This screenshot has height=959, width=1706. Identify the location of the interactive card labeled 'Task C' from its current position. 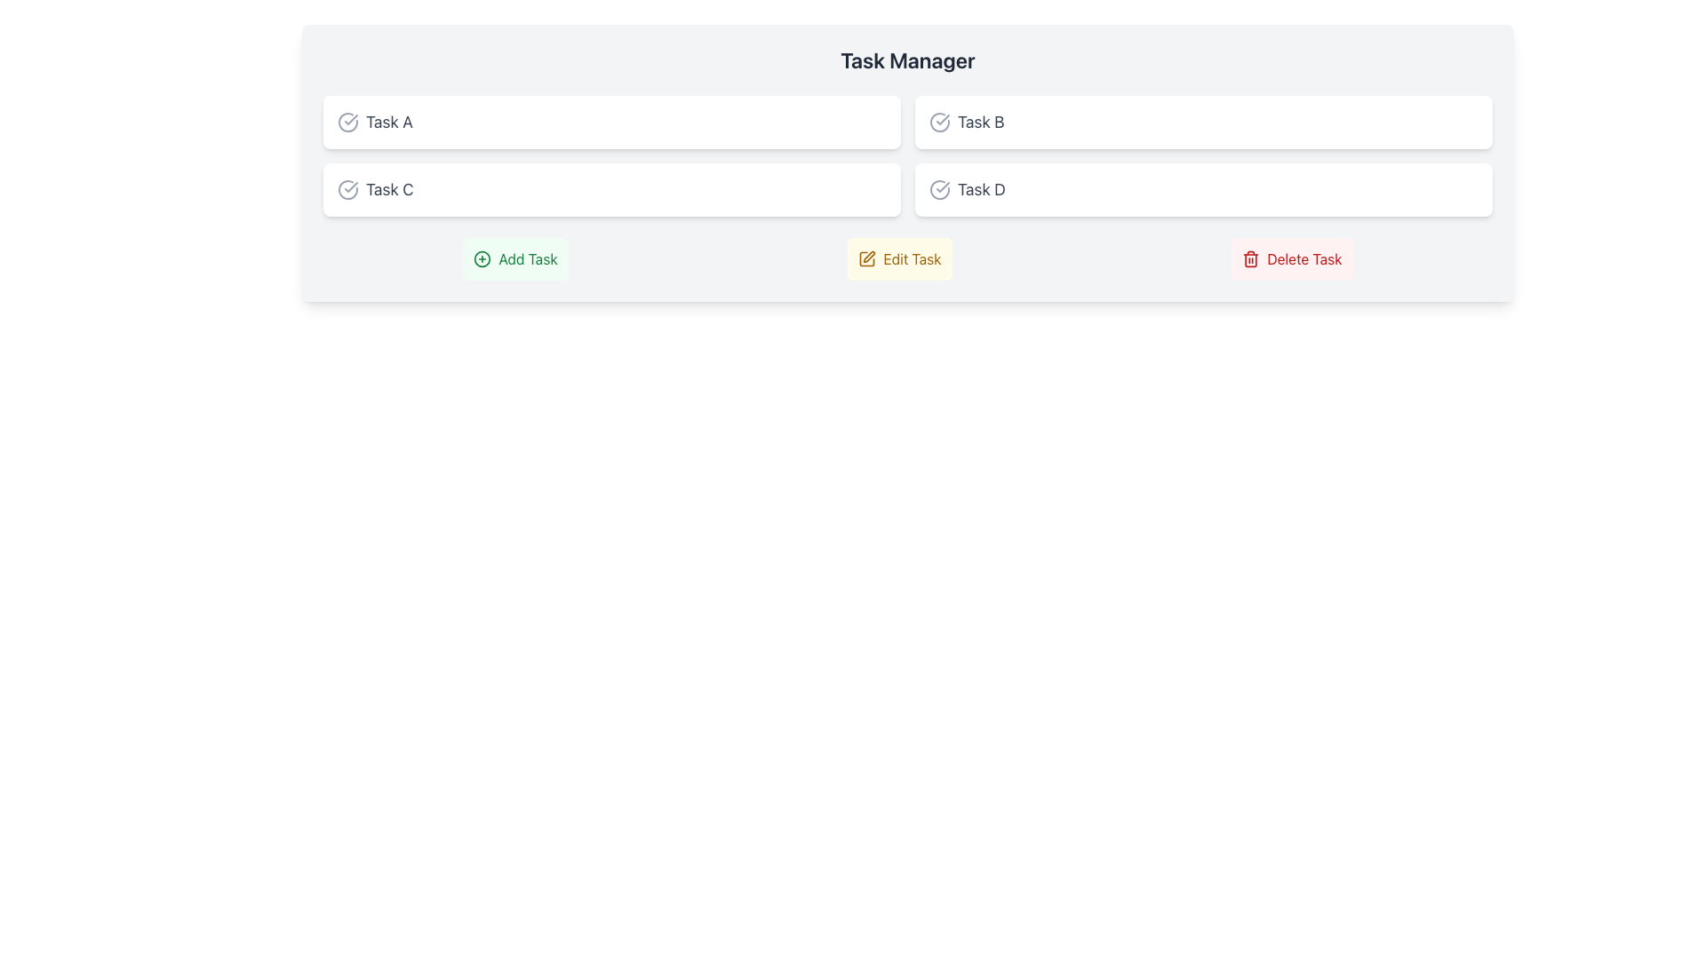
(612, 189).